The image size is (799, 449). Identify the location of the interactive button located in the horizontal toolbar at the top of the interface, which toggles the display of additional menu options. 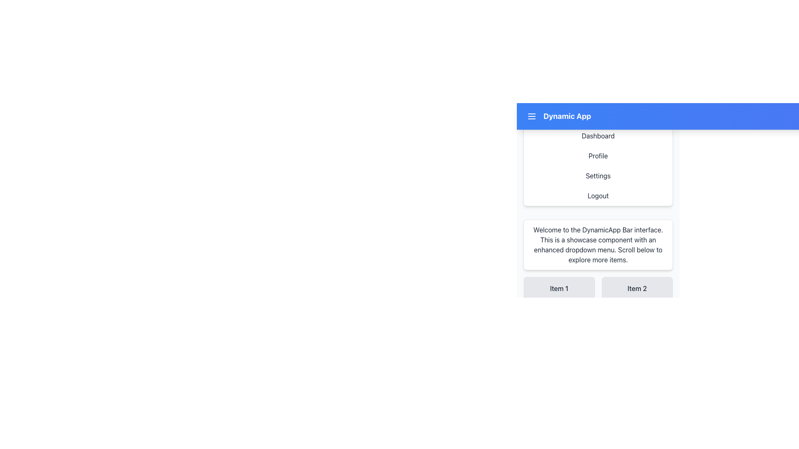
(598, 112).